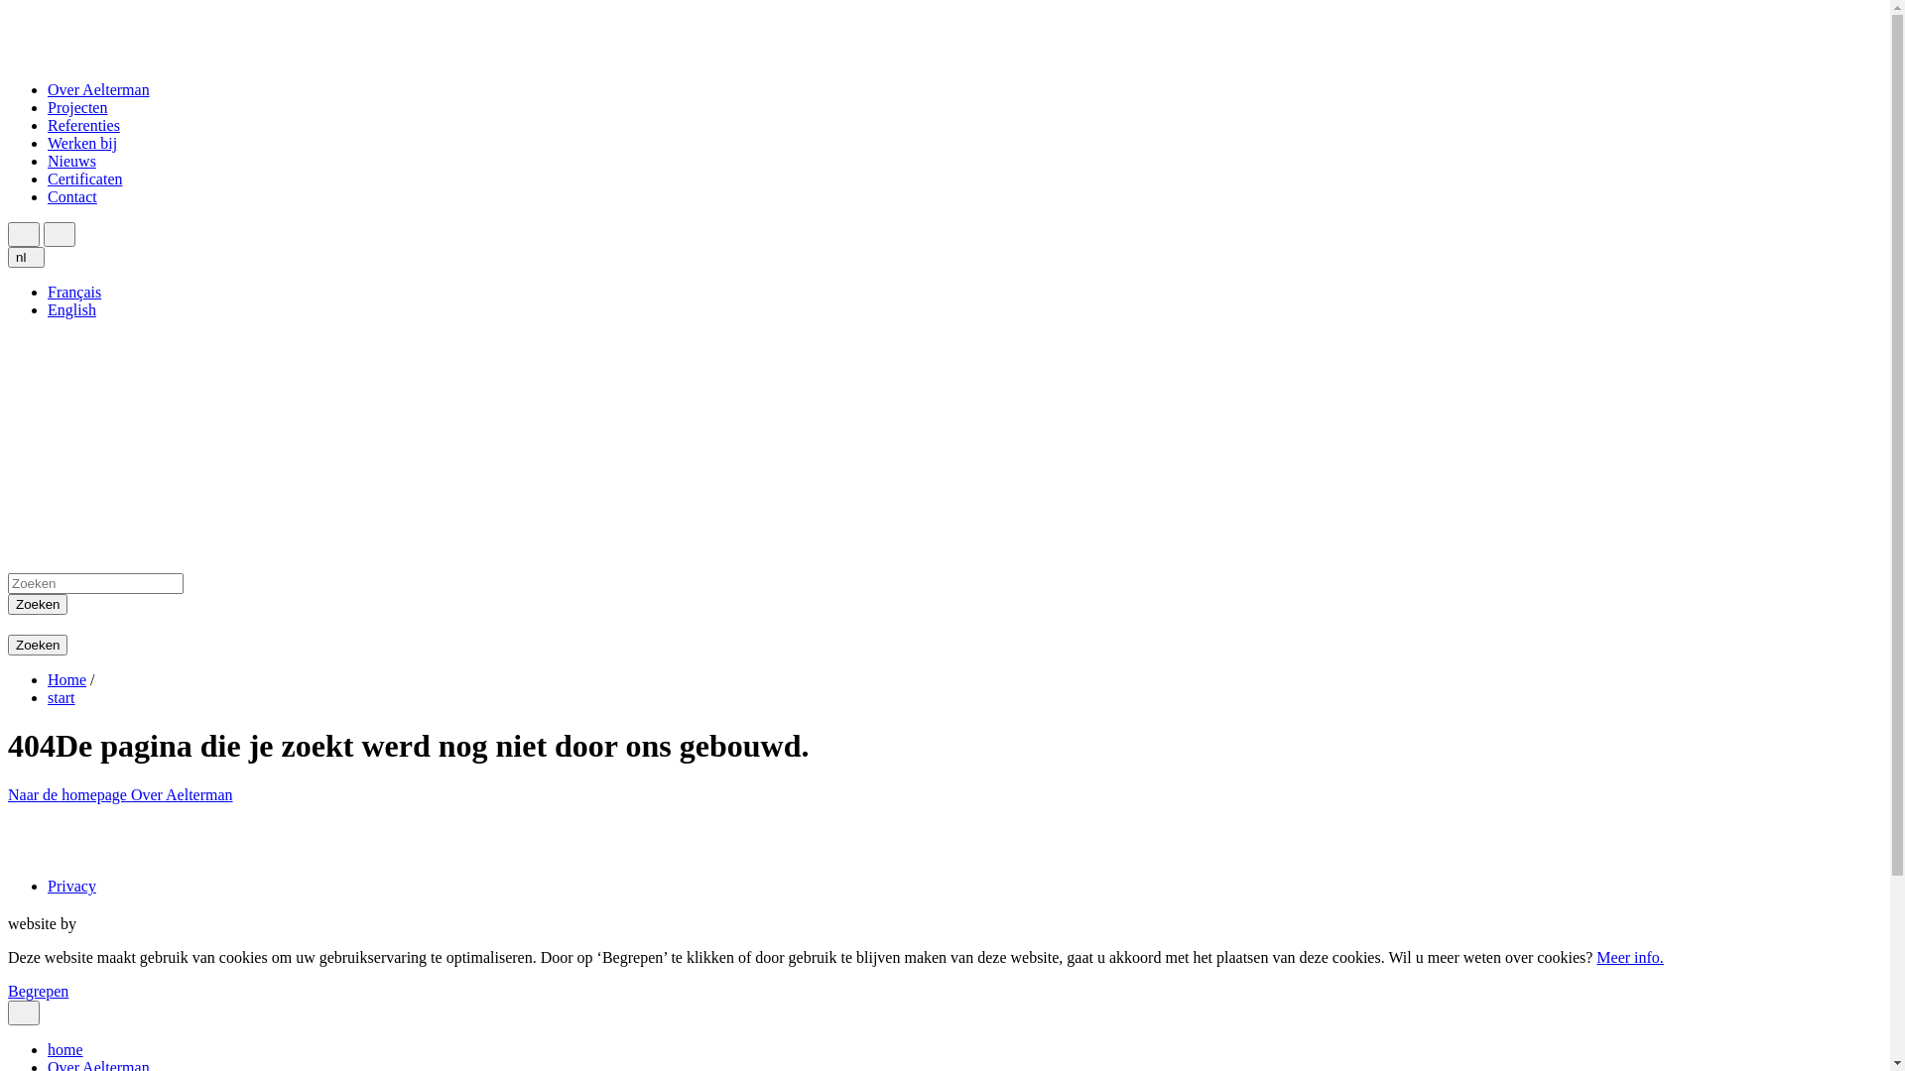 Image resolution: width=1905 pixels, height=1071 pixels. Describe the element at coordinates (71, 885) in the screenshot. I see `'Privacy'` at that location.